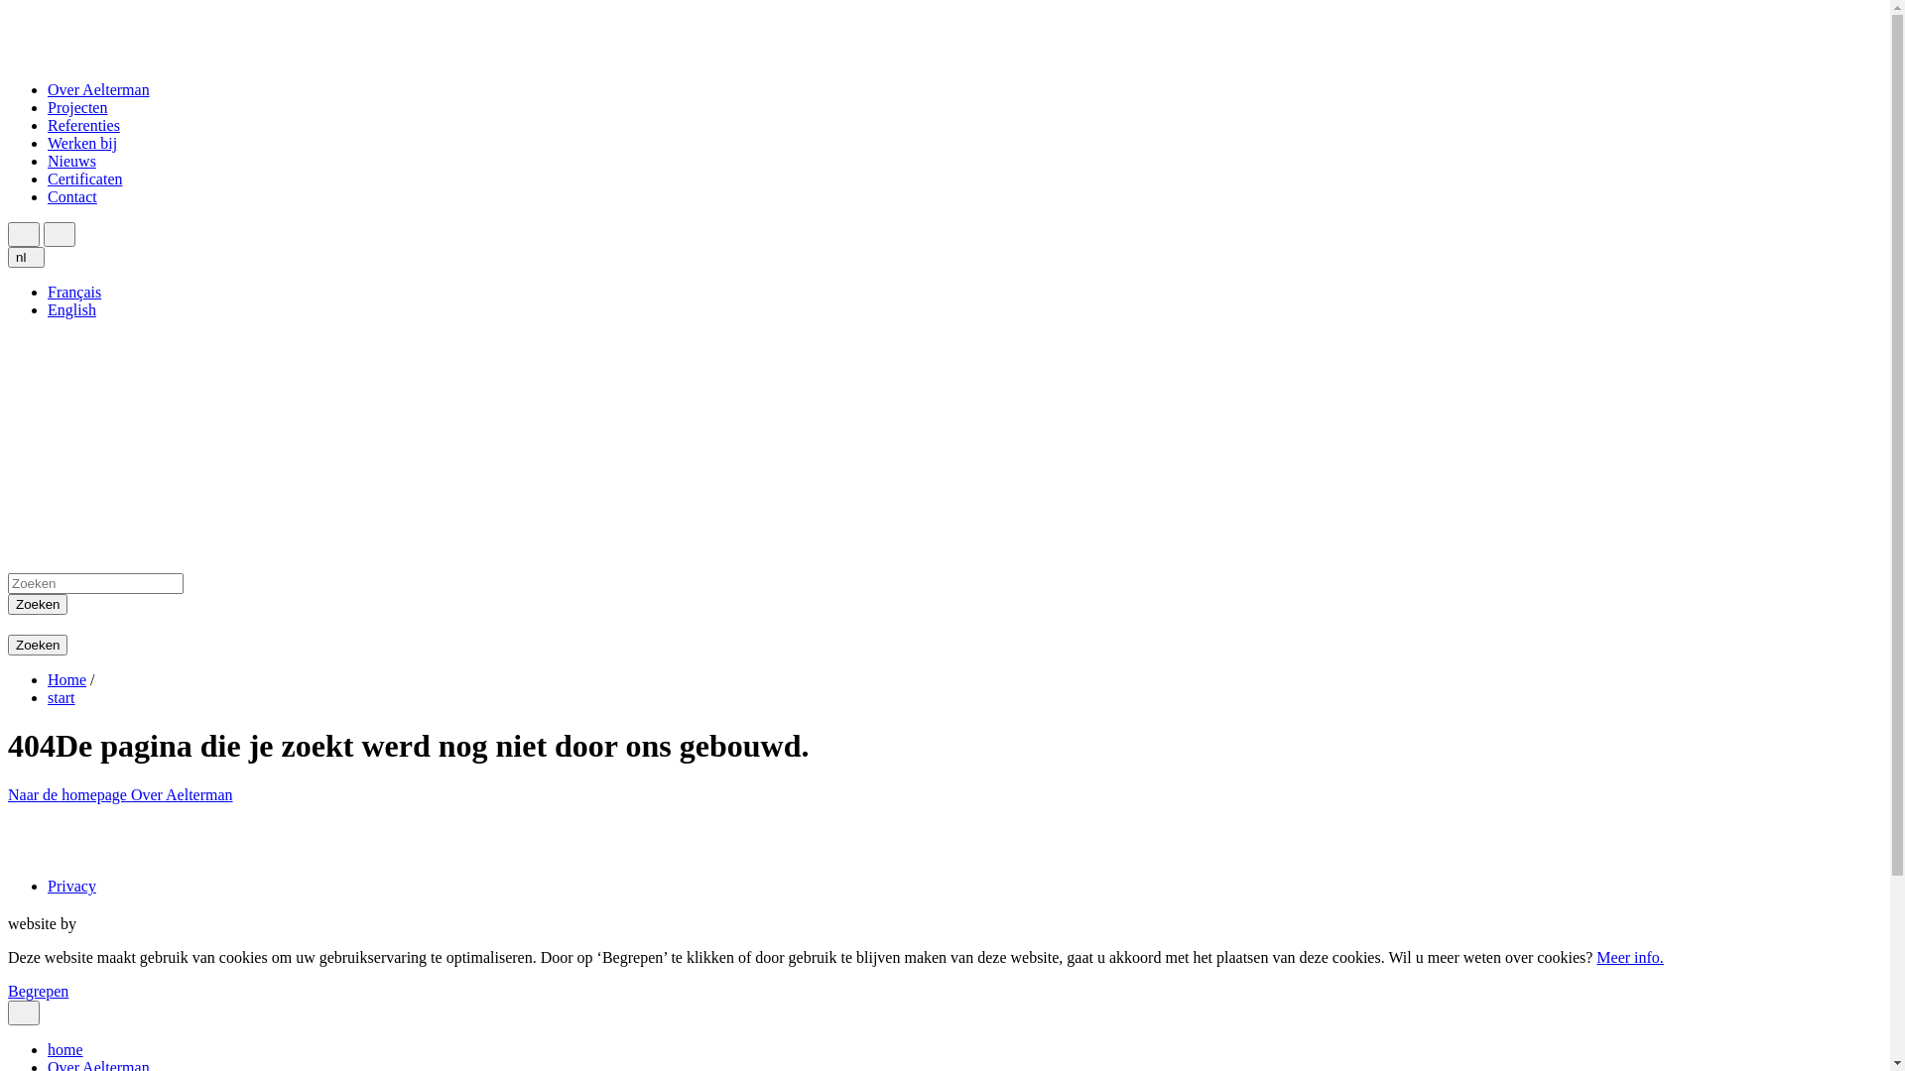 Image resolution: width=1905 pixels, height=1071 pixels. Describe the element at coordinates (71, 885) in the screenshot. I see `'Privacy'` at that location.